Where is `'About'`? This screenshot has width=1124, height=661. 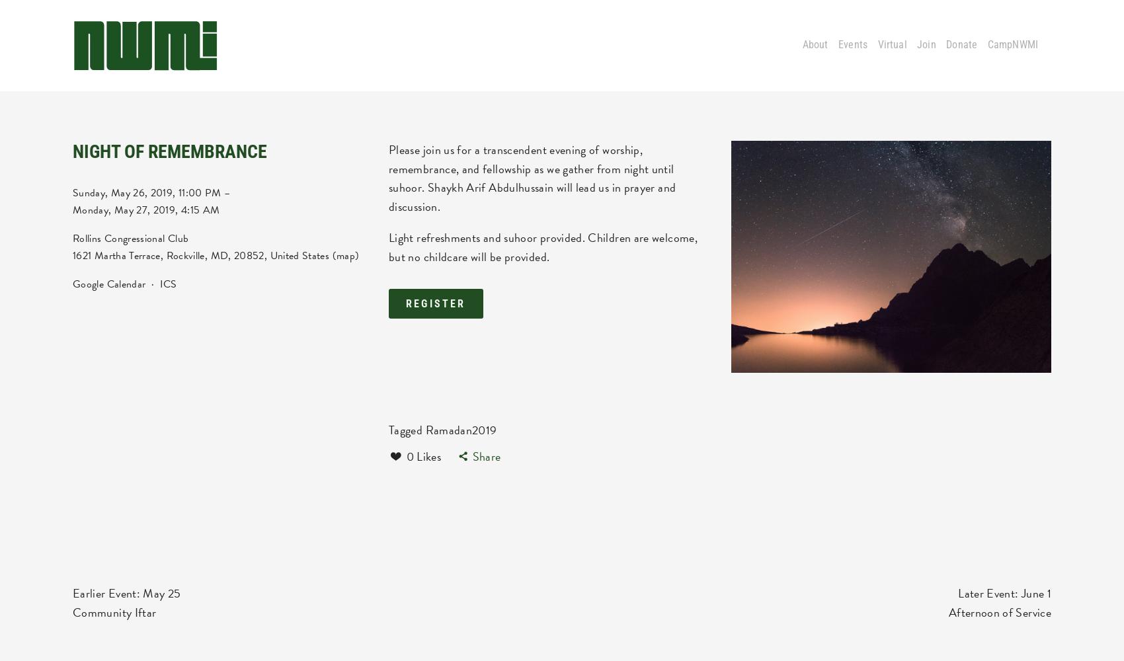 'About' is located at coordinates (814, 44).